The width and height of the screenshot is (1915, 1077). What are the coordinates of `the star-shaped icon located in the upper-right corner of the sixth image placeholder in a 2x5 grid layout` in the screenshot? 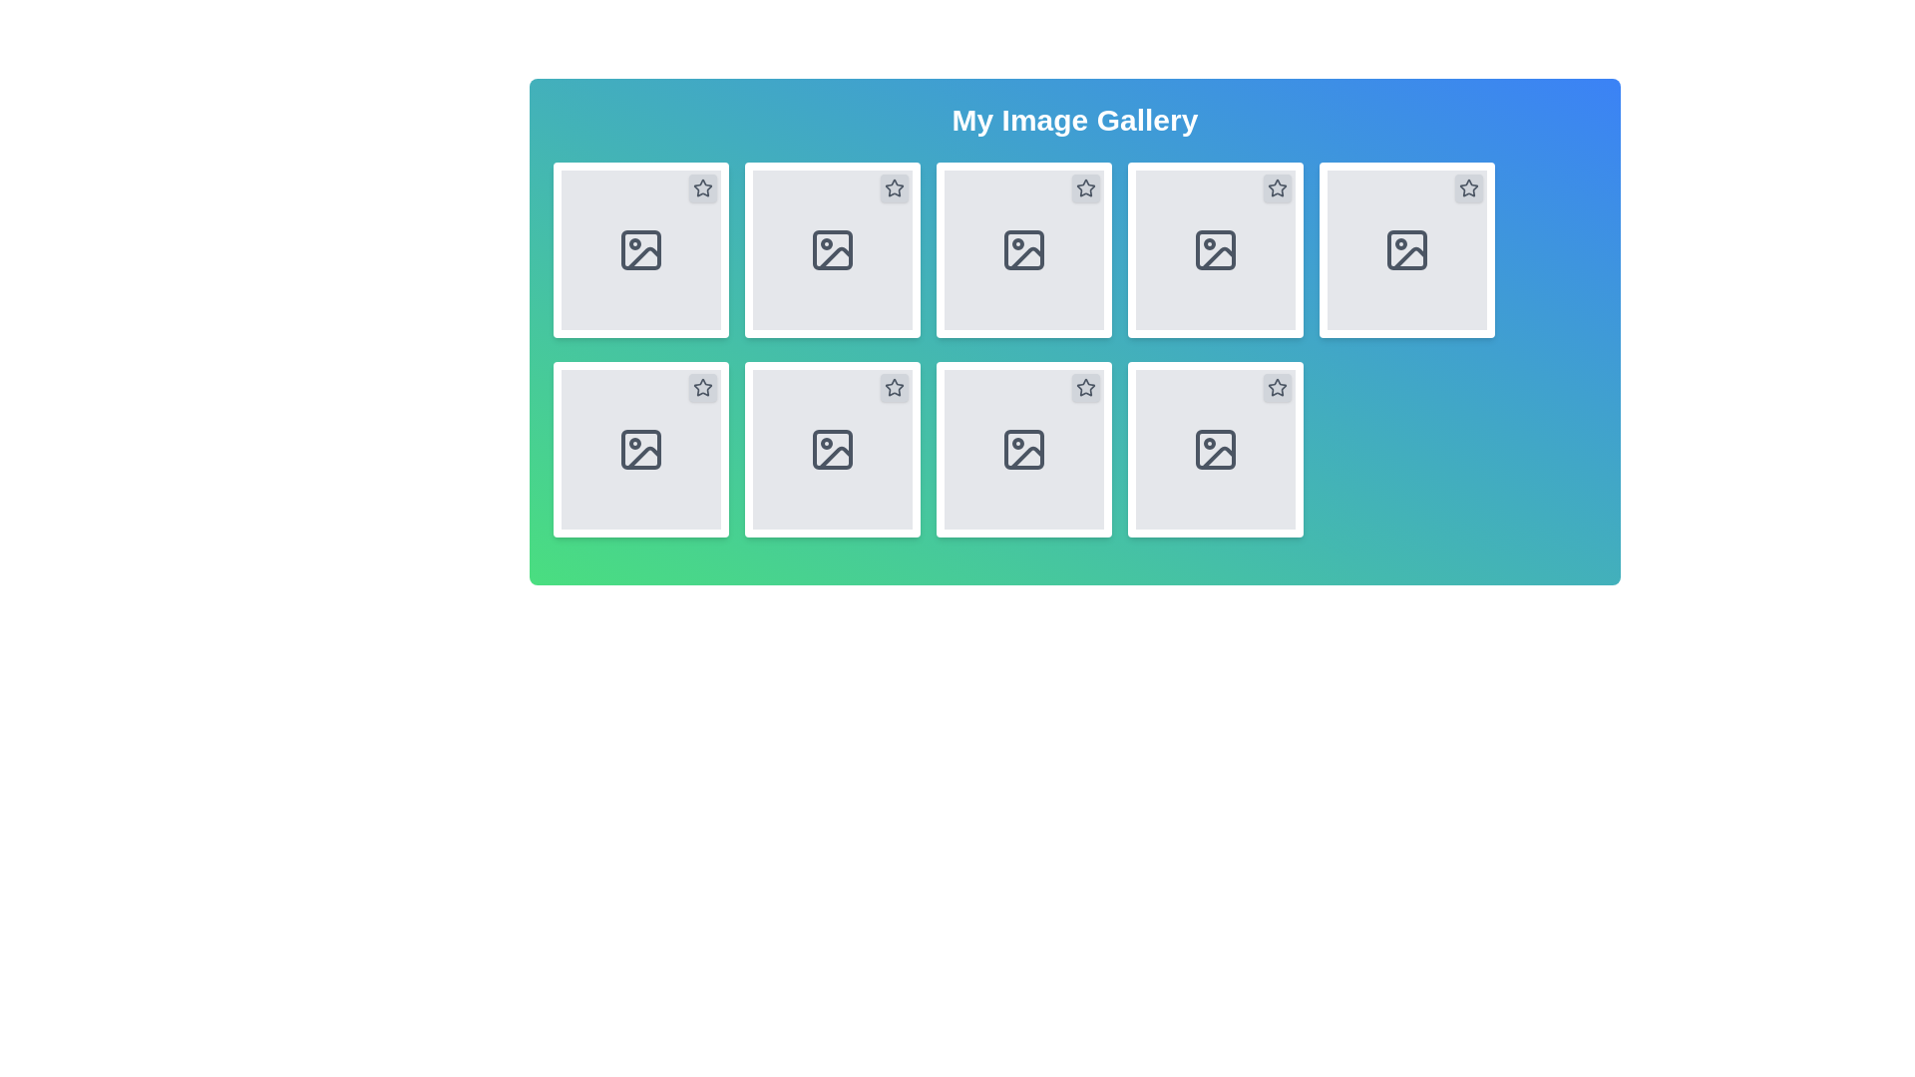 It's located at (894, 387).